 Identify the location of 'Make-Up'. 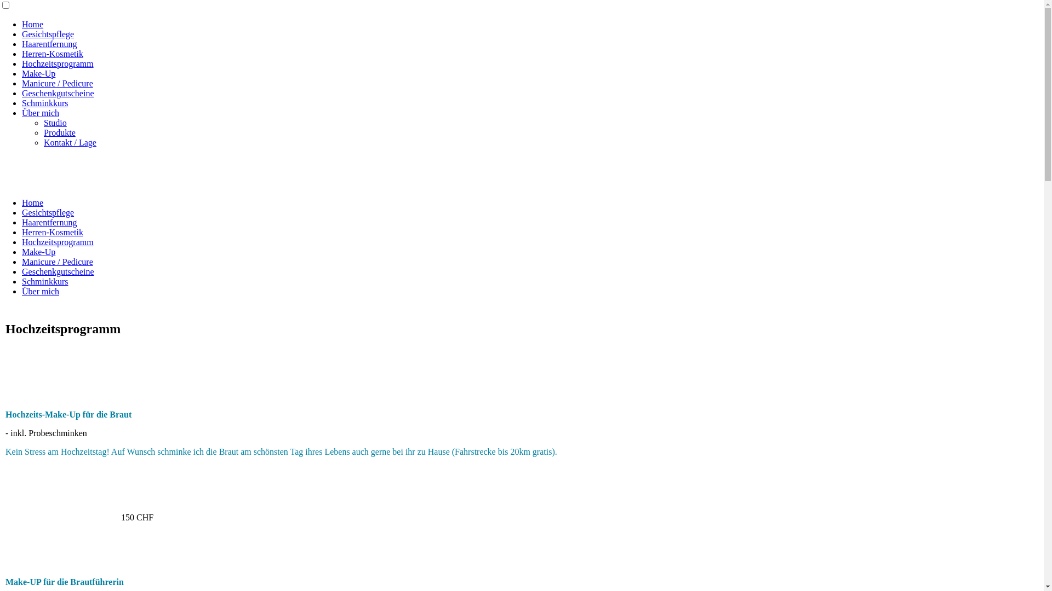
(38, 73).